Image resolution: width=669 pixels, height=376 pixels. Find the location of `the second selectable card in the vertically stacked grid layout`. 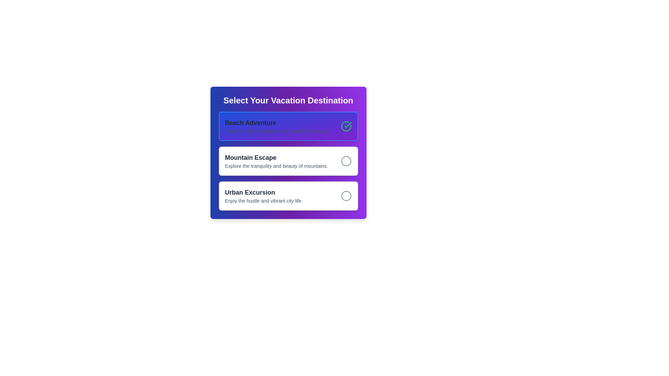

the second selectable card in the vertically stacked grid layout is located at coordinates (288, 161).